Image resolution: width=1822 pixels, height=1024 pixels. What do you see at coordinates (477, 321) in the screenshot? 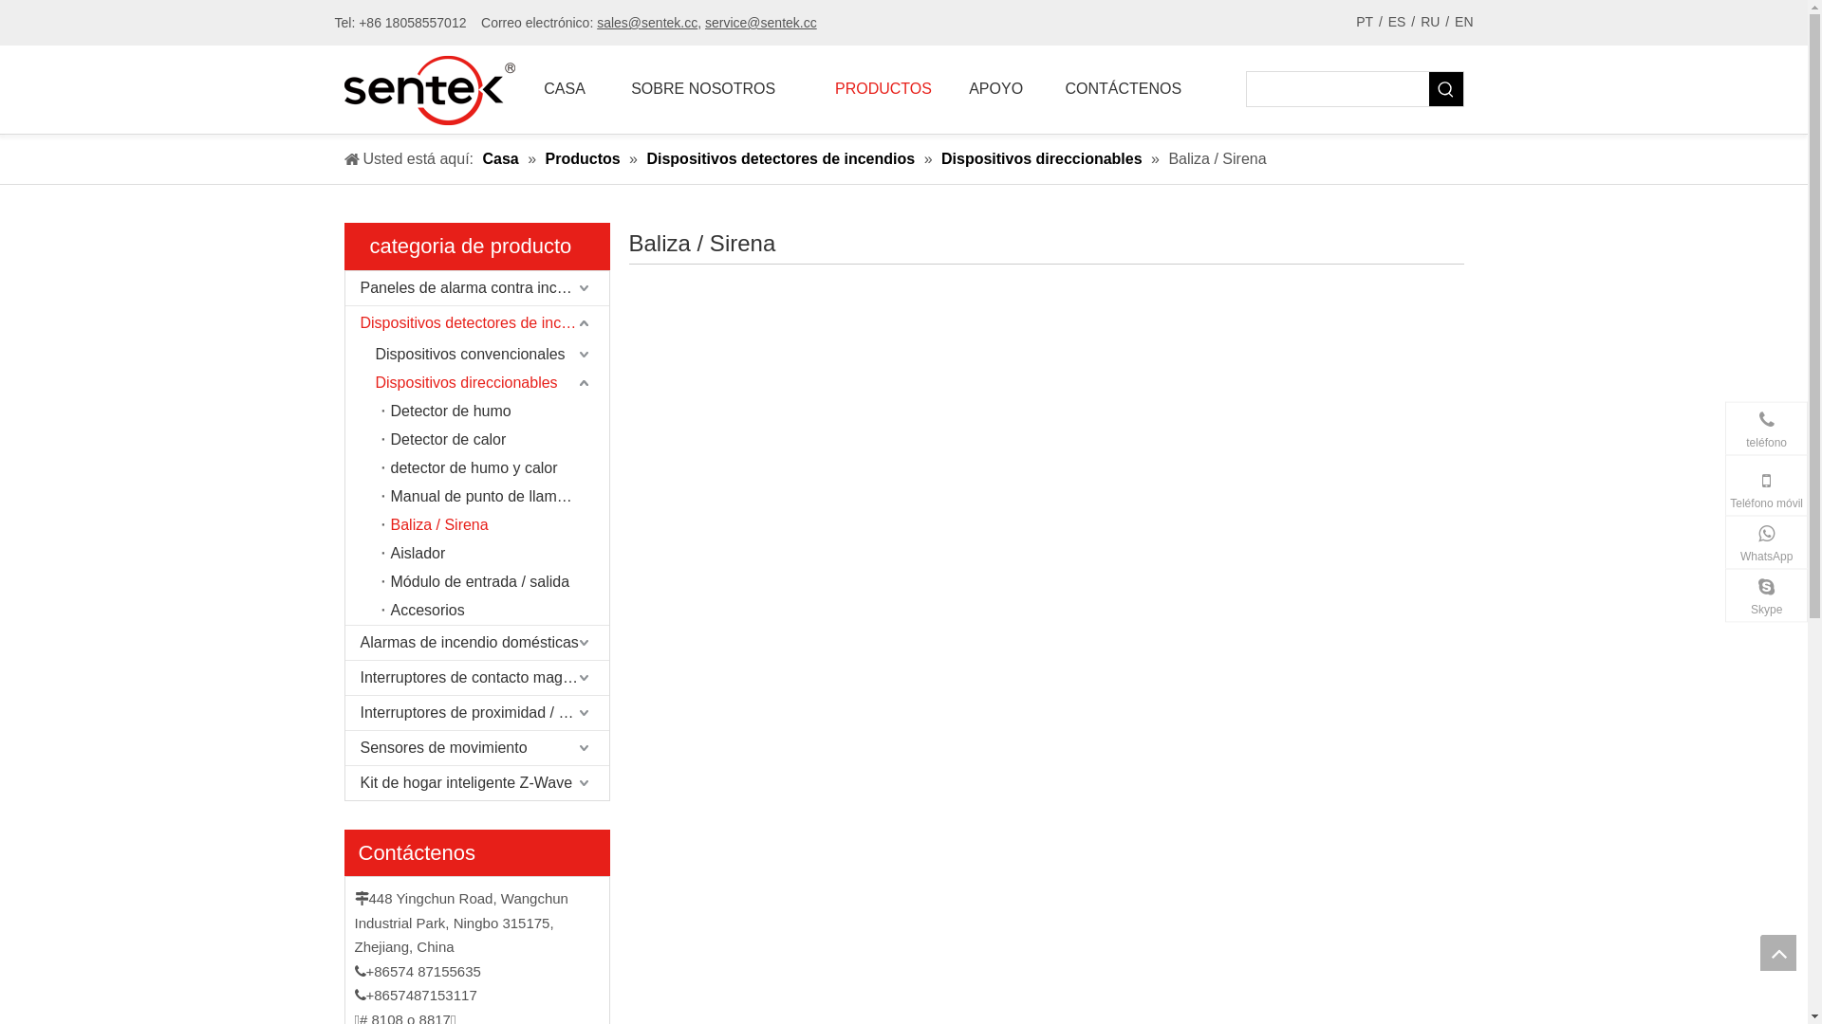
I see `'Dispositivos detectores de incendios'` at bounding box center [477, 321].